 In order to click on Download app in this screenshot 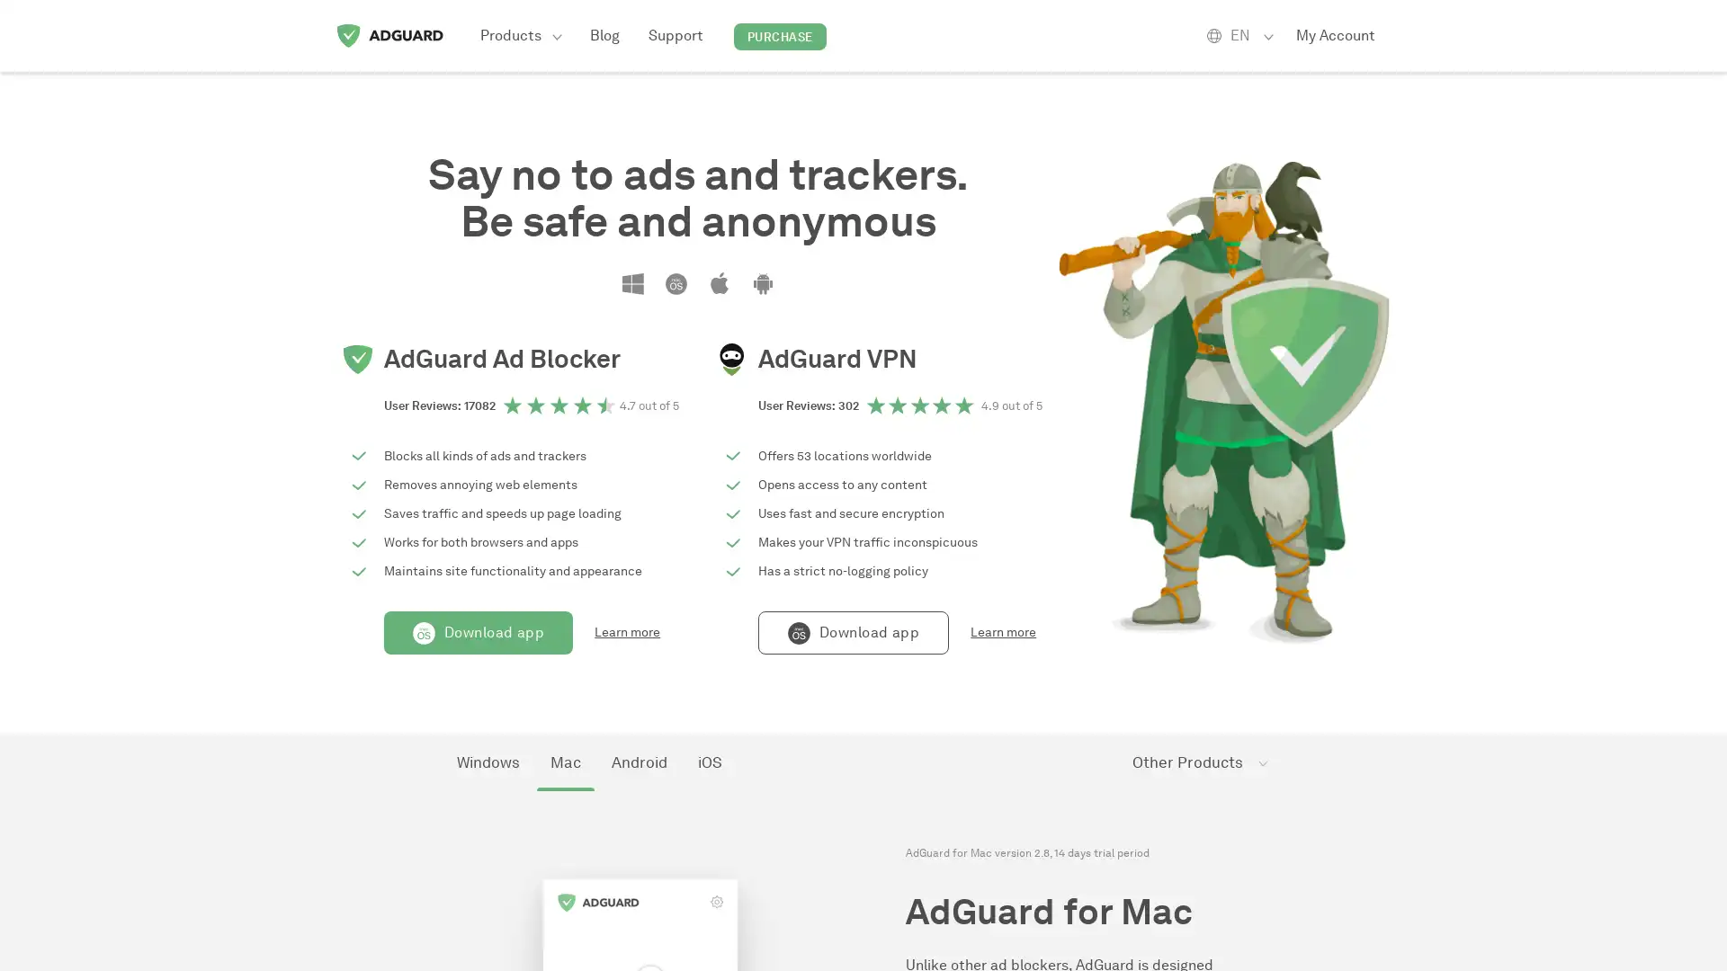, I will do `click(479, 632)`.